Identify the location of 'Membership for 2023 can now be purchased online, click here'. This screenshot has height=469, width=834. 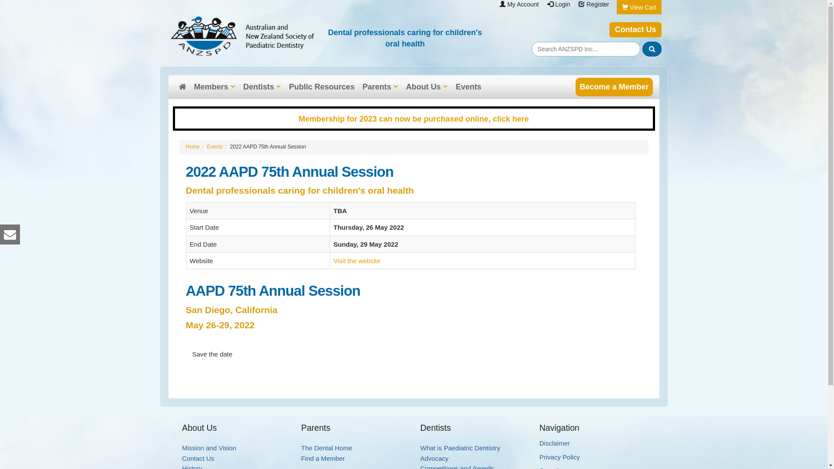
(413, 119).